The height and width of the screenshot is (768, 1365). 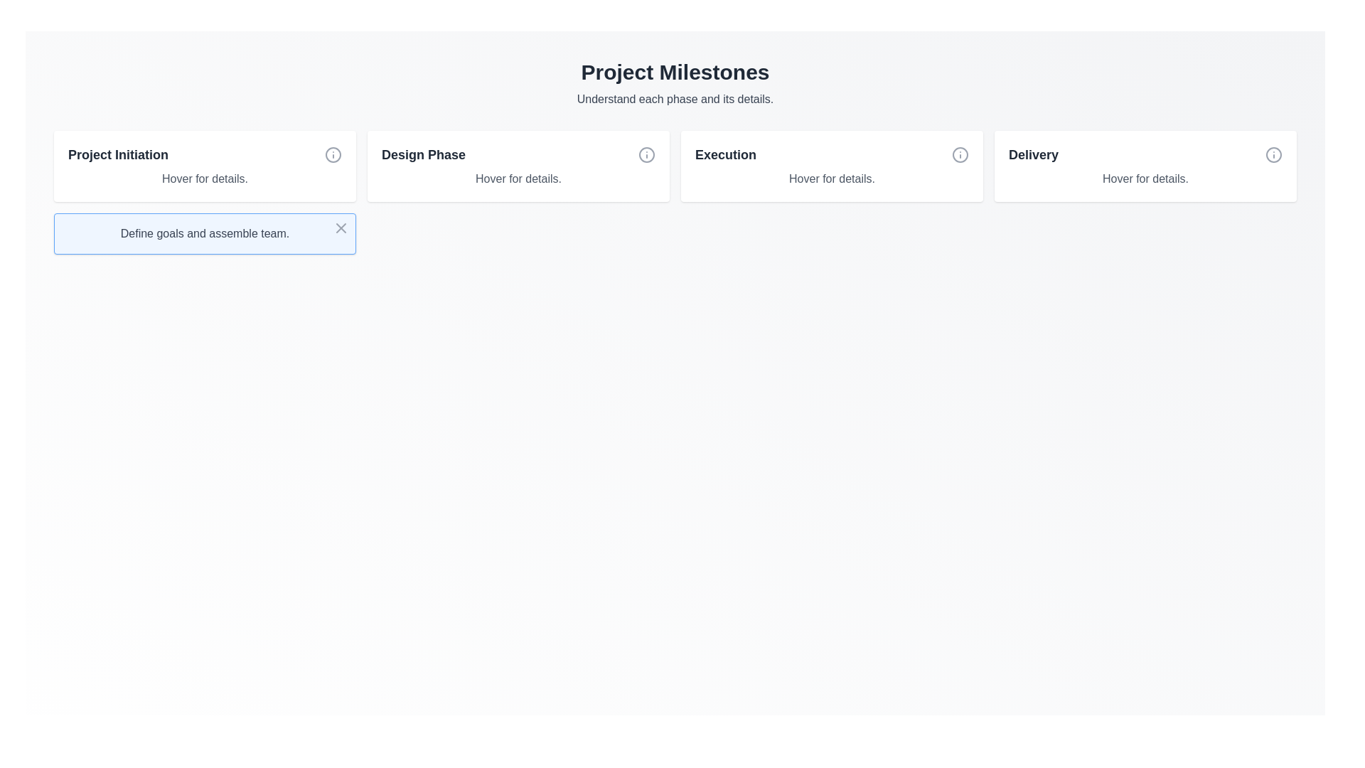 What do you see at coordinates (646, 155) in the screenshot?
I see `the circular gray icon with a central dot located to the right of the 'Design Phase' text` at bounding box center [646, 155].